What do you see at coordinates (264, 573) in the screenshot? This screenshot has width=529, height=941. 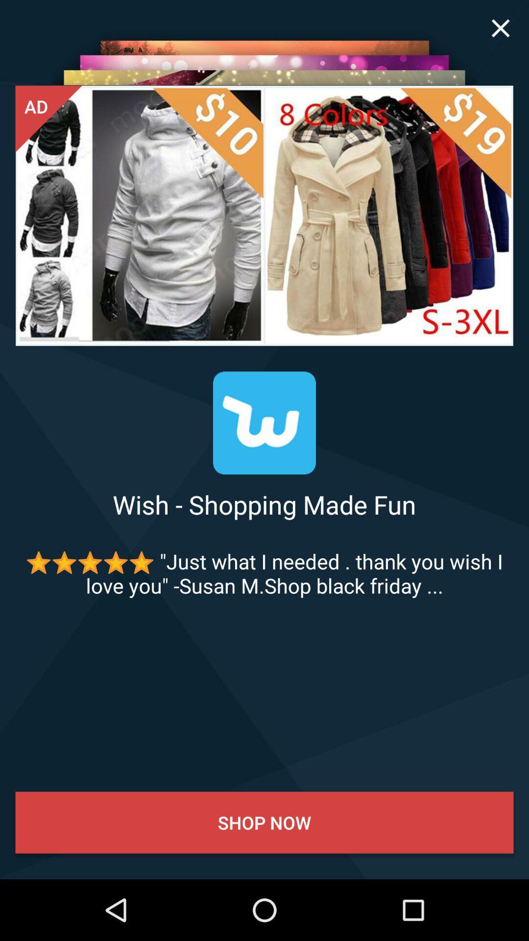 I see `icon above shop now item` at bounding box center [264, 573].